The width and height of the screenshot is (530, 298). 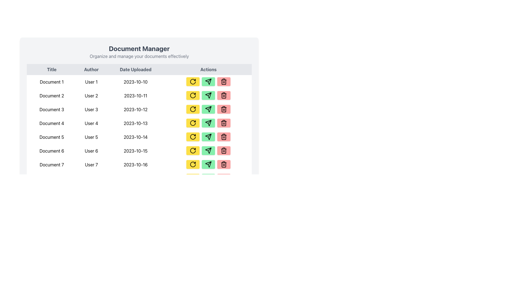 I want to click on the trash can icon button with a red background in the 'Actions' column of the table for 'Document 1' to initiate a delete action, so click(x=224, y=82).